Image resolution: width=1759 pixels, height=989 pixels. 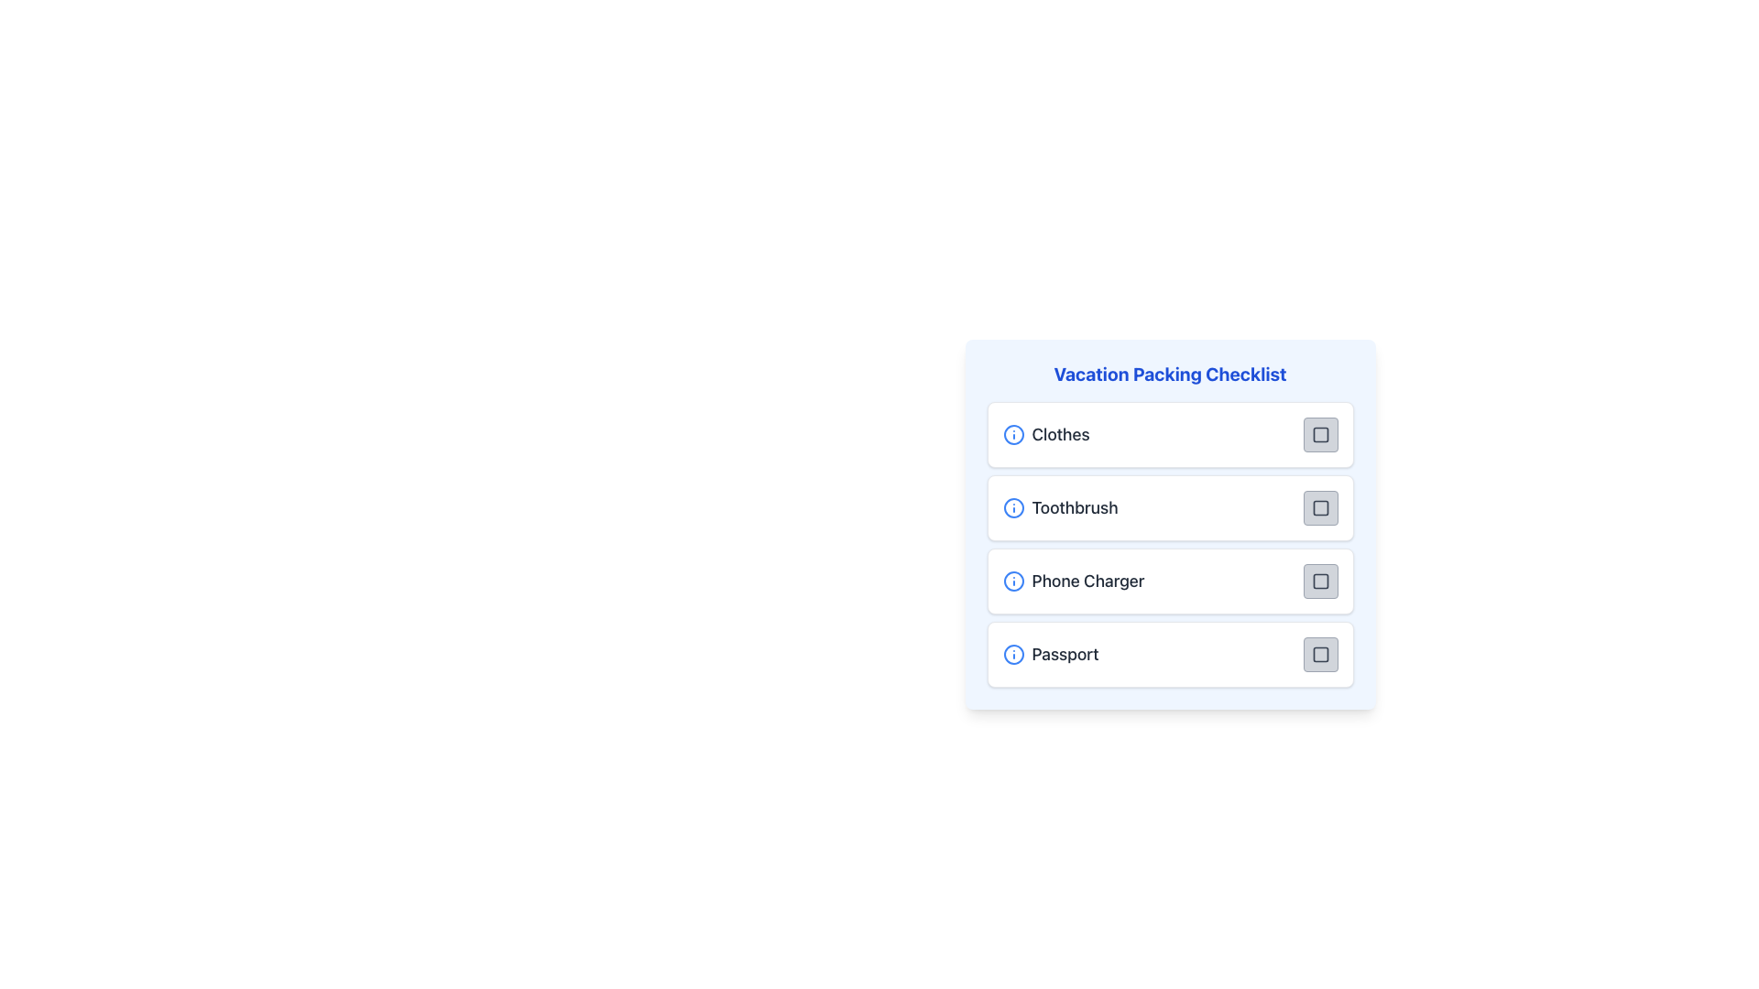 What do you see at coordinates (1061, 434) in the screenshot?
I see `text of the 'Clothes' label, which is a bold, medium-sized dark gray text in the 'Vacation Packing Checklist' section` at bounding box center [1061, 434].